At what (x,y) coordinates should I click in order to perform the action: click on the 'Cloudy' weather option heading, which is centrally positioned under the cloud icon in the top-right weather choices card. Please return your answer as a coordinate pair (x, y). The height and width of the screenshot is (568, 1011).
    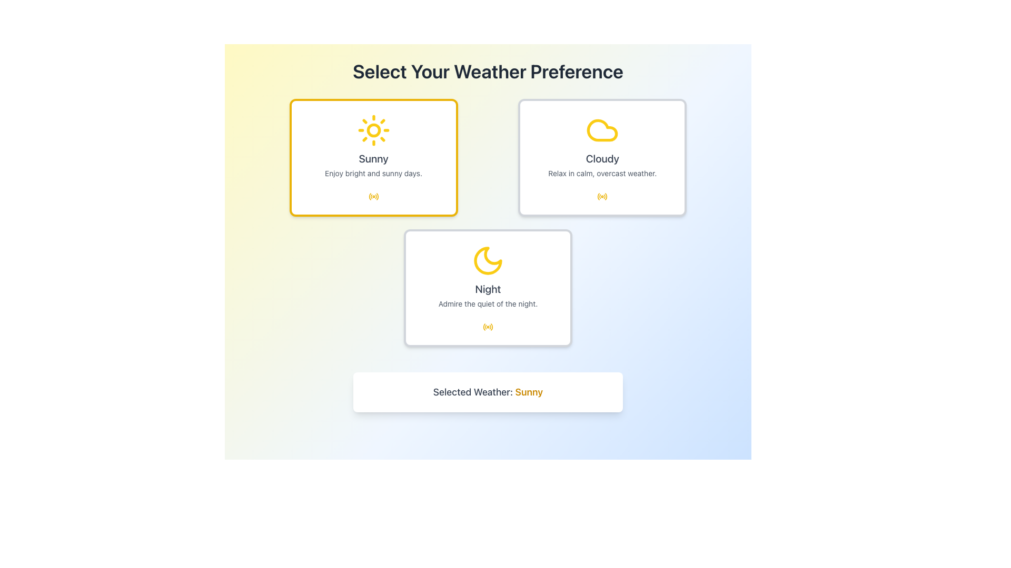
    Looking at the image, I should click on (602, 158).